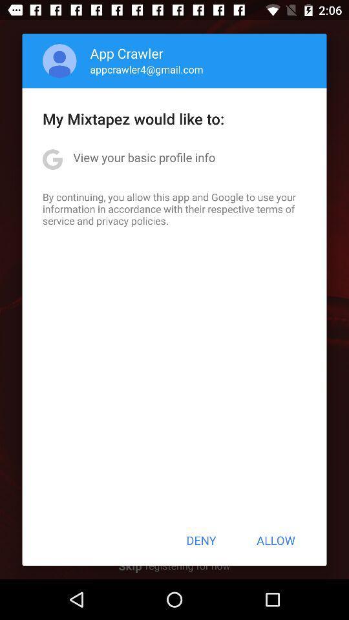 The height and width of the screenshot is (620, 349). I want to click on the app below the by continuing you app, so click(201, 540).